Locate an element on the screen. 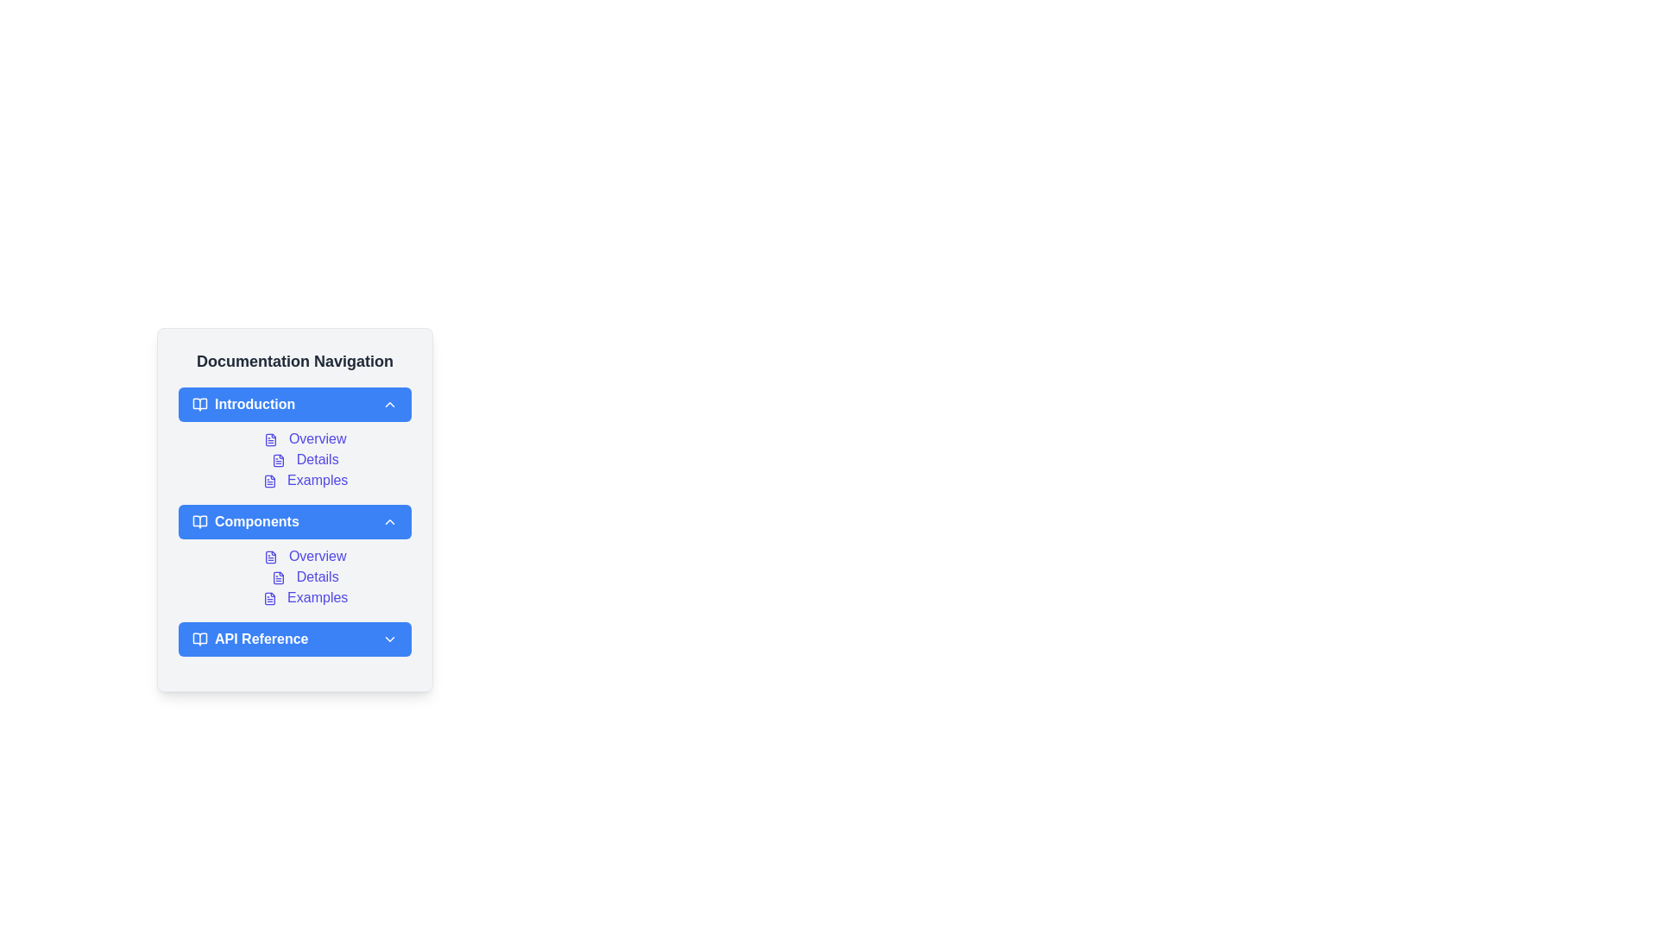 The width and height of the screenshot is (1657, 932). the 'Details' text link with an icon in the sidebar is located at coordinates (306, 576).